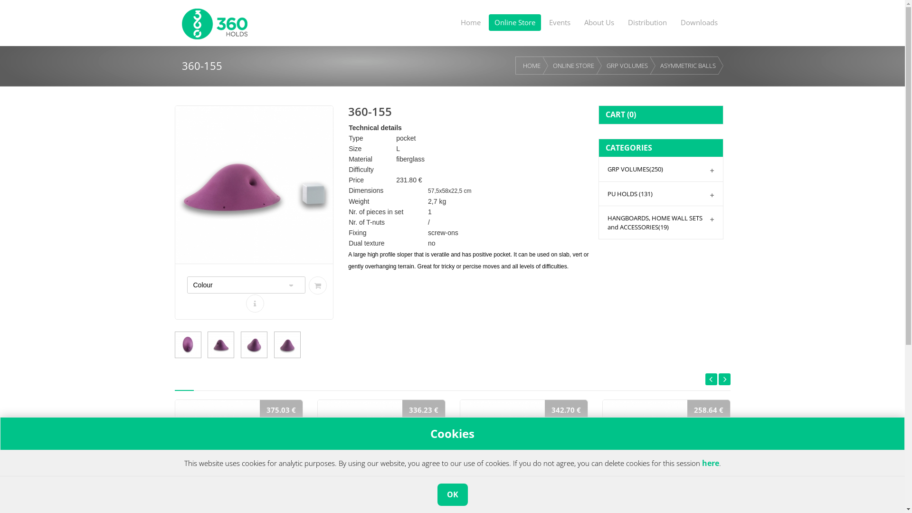 The image size is (912, 513). I want to click on 'ONLINE STORE', so click(573, 65).